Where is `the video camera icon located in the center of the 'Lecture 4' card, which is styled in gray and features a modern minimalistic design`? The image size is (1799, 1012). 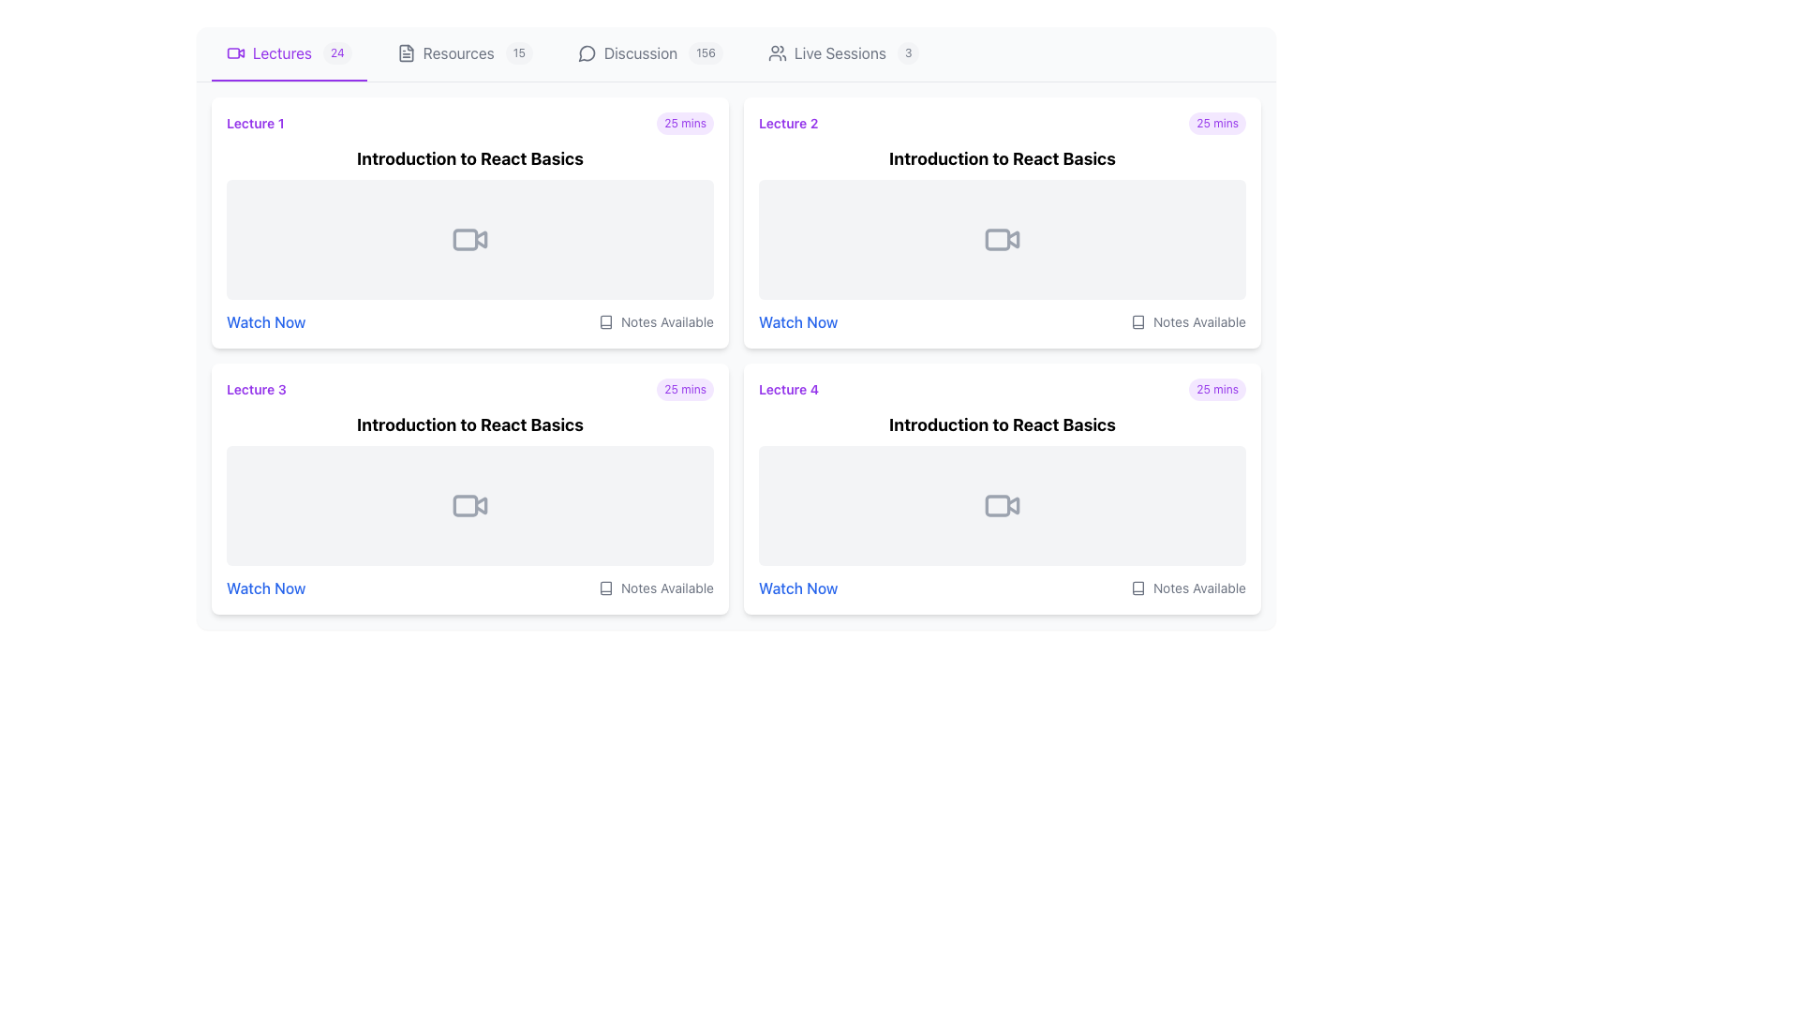 the video camera icon located in the center of the 'Lecture 4' card, which is styled in gray and features a modern minimalistic design is located at coordinates (1002, 506).